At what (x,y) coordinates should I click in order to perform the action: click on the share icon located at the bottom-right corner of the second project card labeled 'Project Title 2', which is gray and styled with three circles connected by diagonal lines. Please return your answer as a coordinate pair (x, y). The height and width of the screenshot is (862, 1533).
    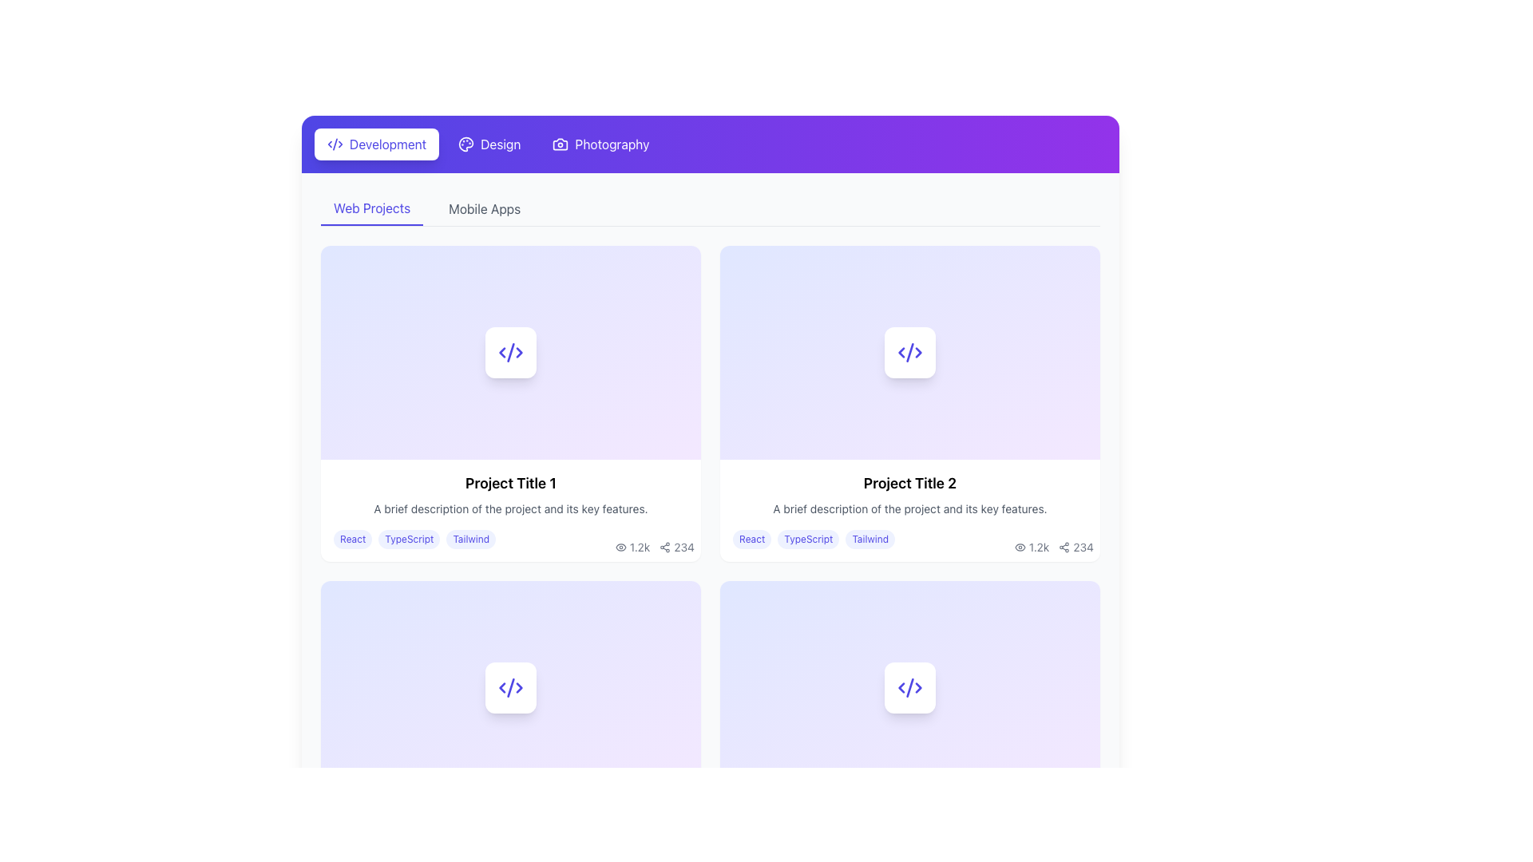
    Looking at the image, I should click on (1064, 546).